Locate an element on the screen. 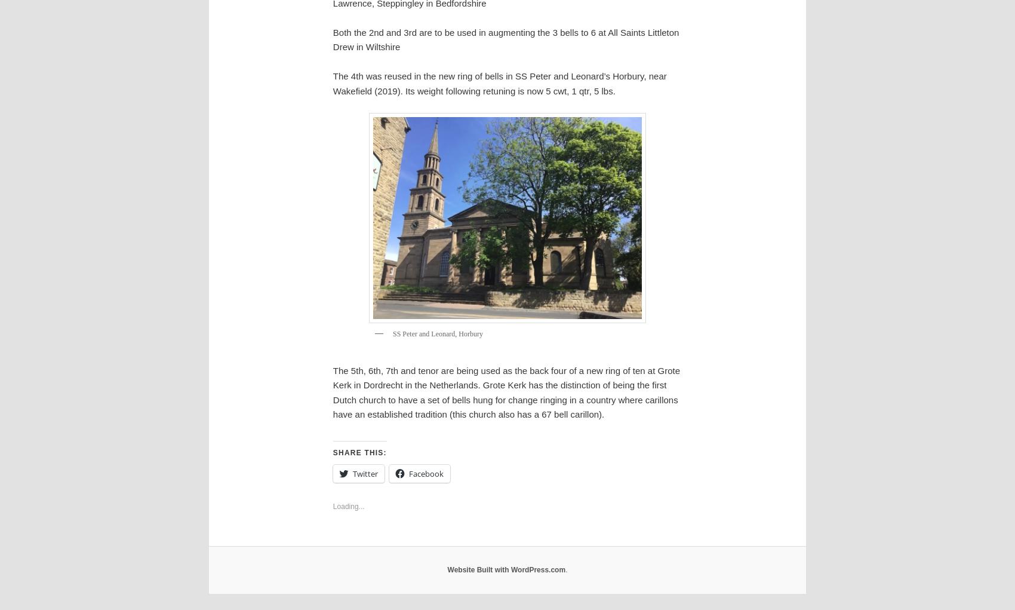 The width and height of the screenshot is (1015, 610). 'Twitter' is located at coordinates (352, 472).